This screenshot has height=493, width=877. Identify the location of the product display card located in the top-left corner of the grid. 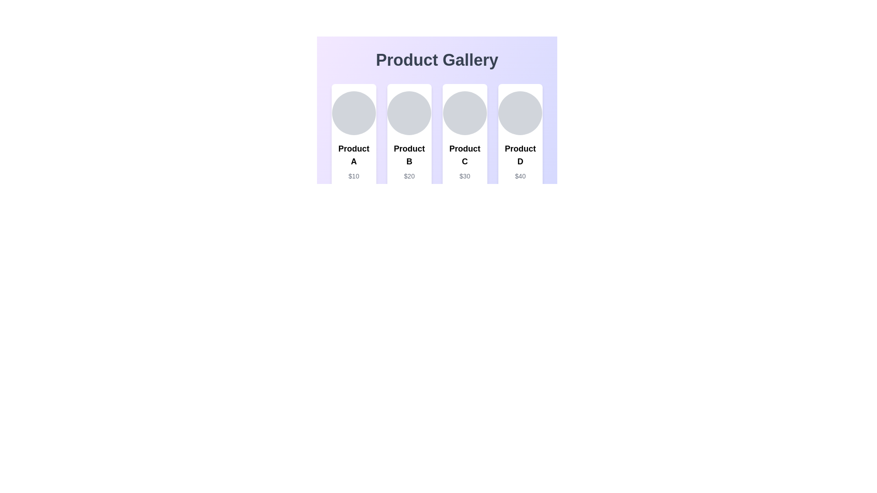
(353, 147).